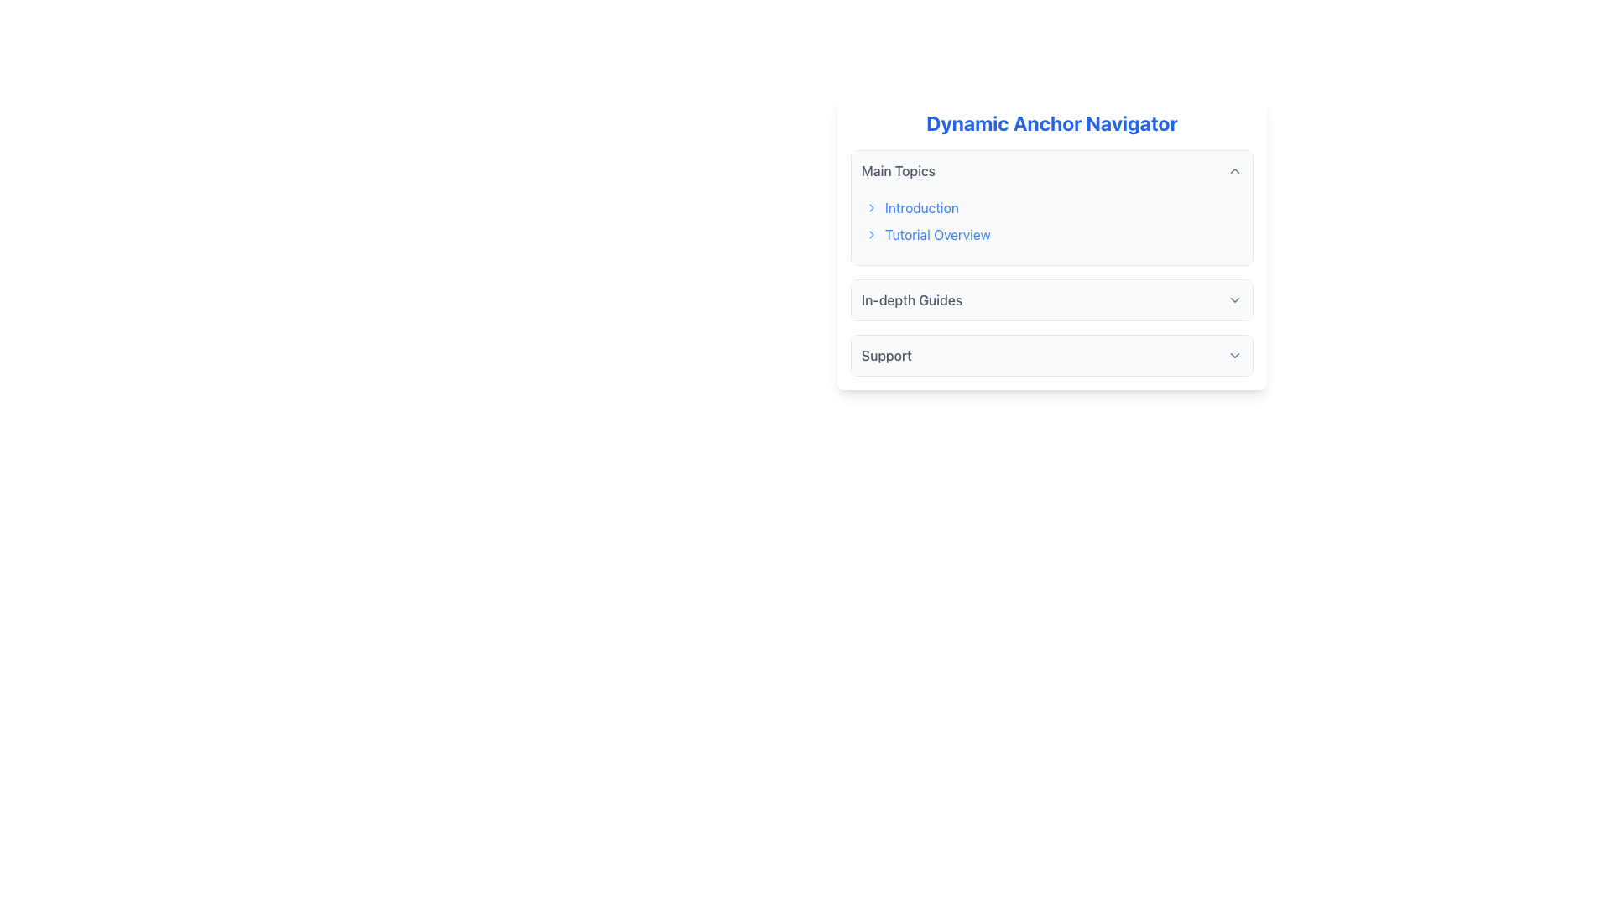 The height and width of the screenshot is (906, 1611). Describe the element at coordinates (1051, 206) in the screenshot. I see `the first collapsible panel in the vertical navigation section below the title 'Dynamic Anchor Navigator'` at that location.